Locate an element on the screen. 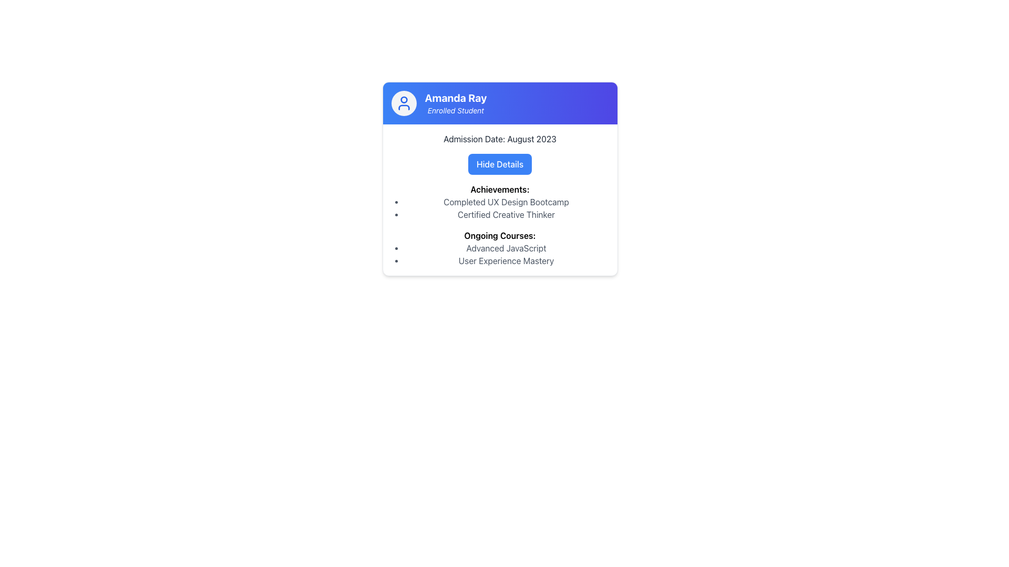  the bold, black text label 'Achievements:' within the content area of the profile card, which is positioned at the beginning of a vertical list of achievements is located at coordinates (499, 190).